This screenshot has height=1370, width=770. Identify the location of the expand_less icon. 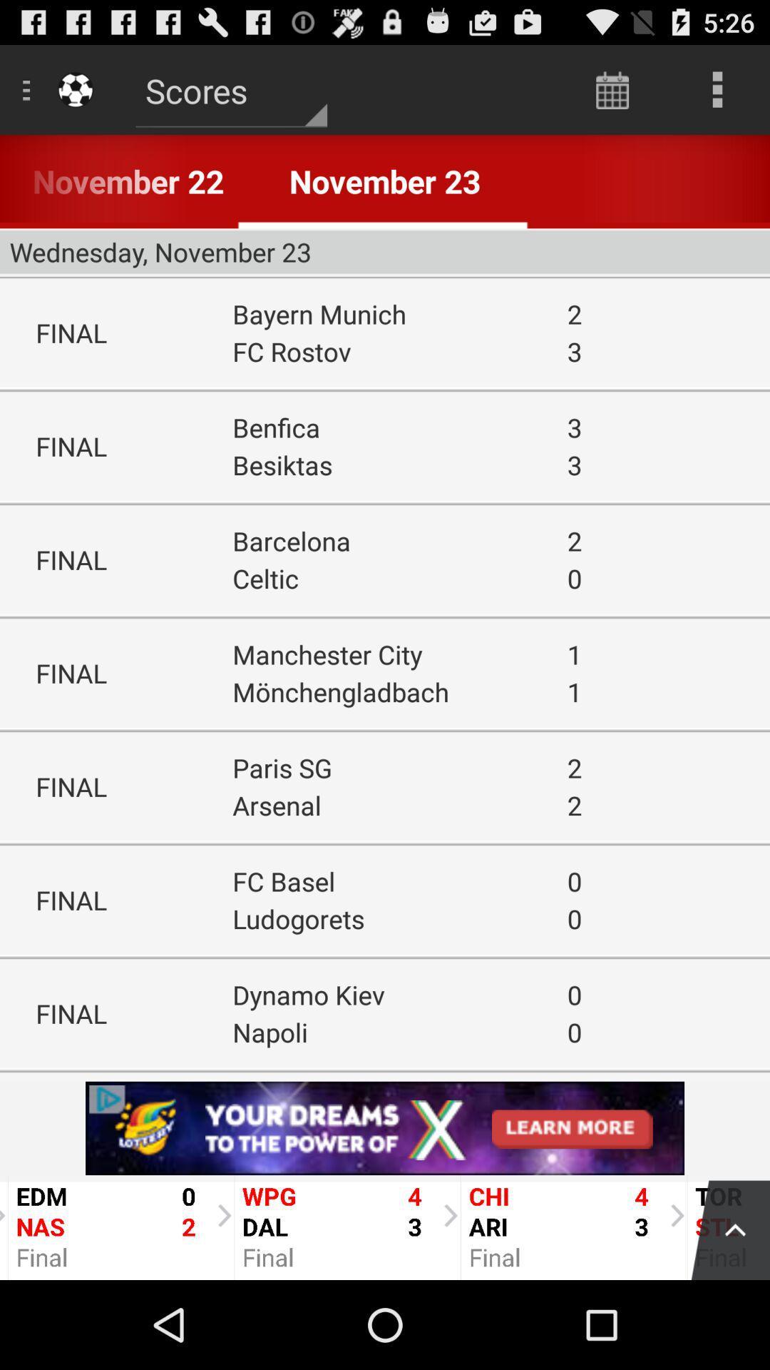
(723, 1313).